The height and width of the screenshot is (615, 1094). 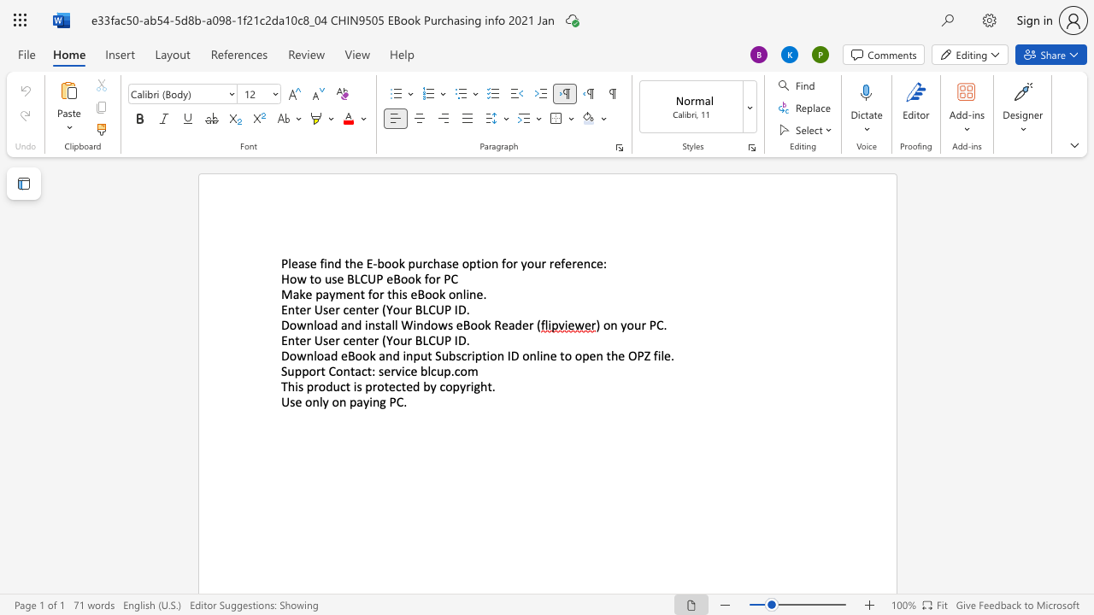 I want to click on the subset text "paying P" within the text "Use only on paying PC.", so click(x=348, y=401).